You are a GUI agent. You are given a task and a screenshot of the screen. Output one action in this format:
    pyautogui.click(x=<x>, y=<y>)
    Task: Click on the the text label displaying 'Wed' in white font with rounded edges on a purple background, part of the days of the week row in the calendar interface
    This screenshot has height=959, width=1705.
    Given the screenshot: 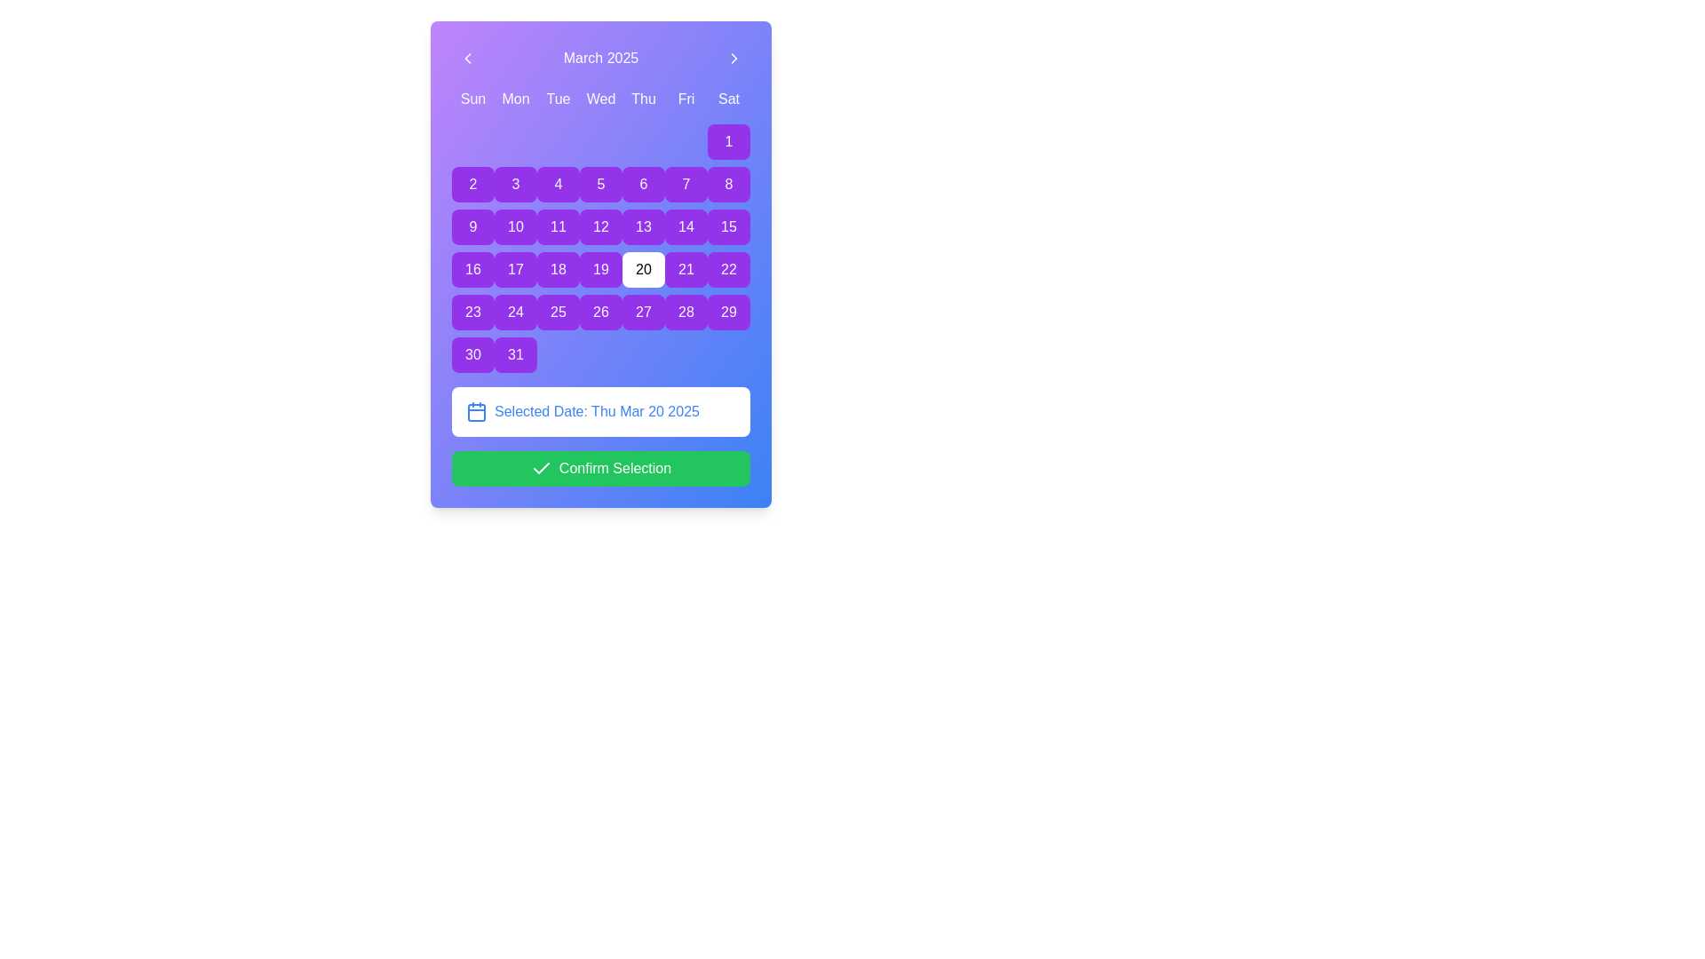 What is the action you would take?
    pyautogui.click(x=600, y=99)
    